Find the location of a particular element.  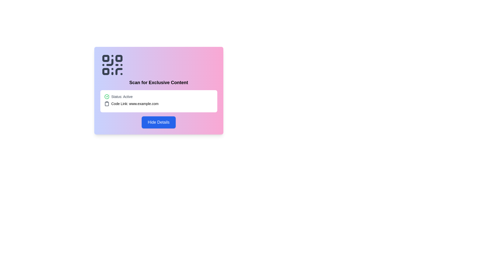

the SVG rectangle shape located at the bottom-left square of the QR code layout is located at coordinates (105, 72).